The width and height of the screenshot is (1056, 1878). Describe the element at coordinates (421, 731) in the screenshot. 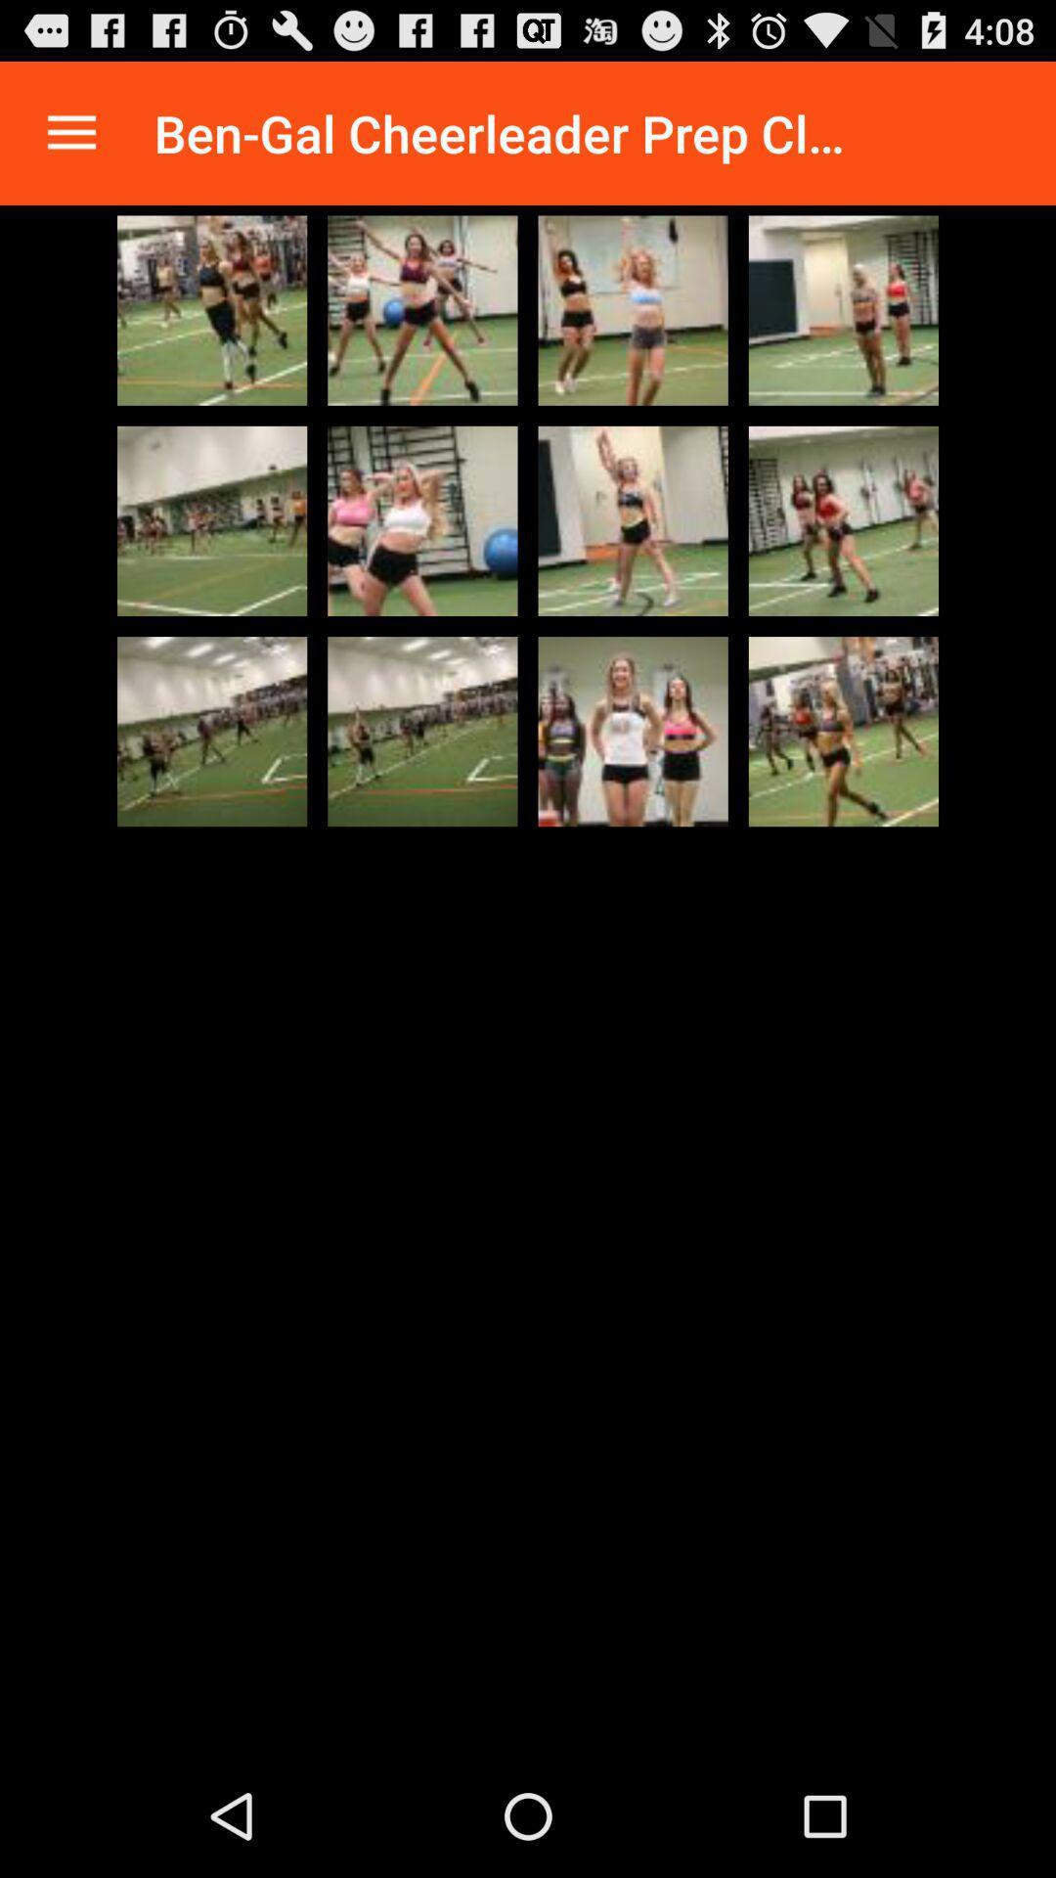

I see `photo` at that location.